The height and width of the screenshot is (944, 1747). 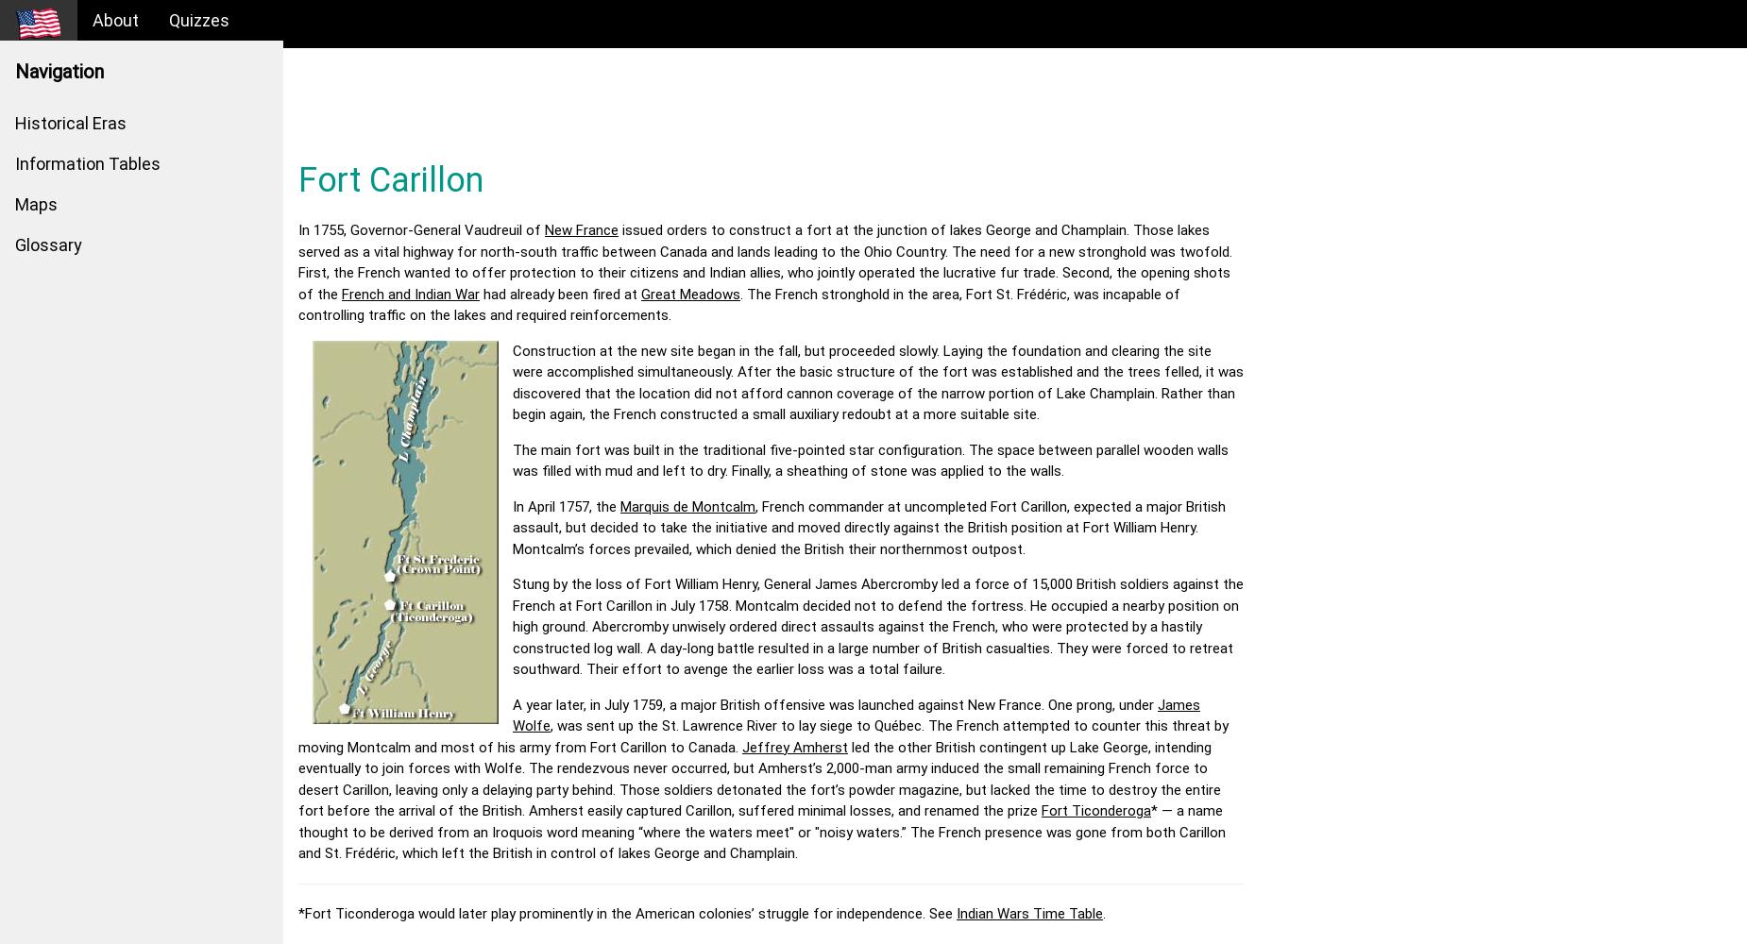 I want to click on 'Historical Eras', so click(x=69, y=123).